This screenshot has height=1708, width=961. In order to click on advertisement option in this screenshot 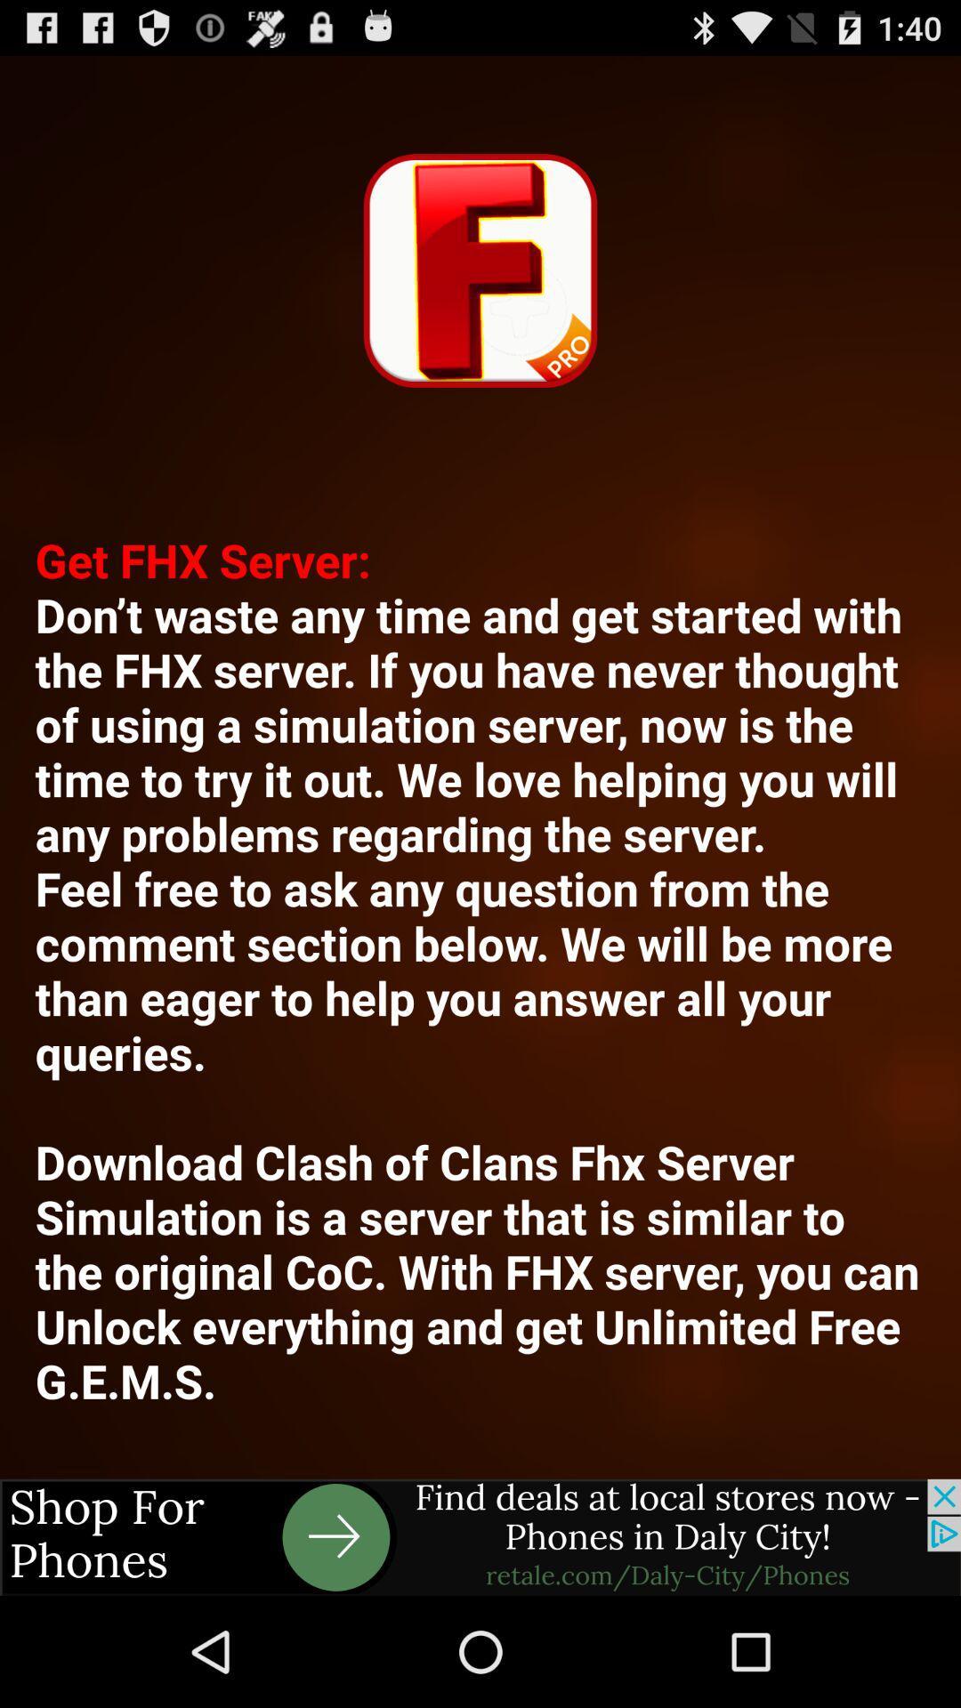, I will do `click(480, 1536)`.